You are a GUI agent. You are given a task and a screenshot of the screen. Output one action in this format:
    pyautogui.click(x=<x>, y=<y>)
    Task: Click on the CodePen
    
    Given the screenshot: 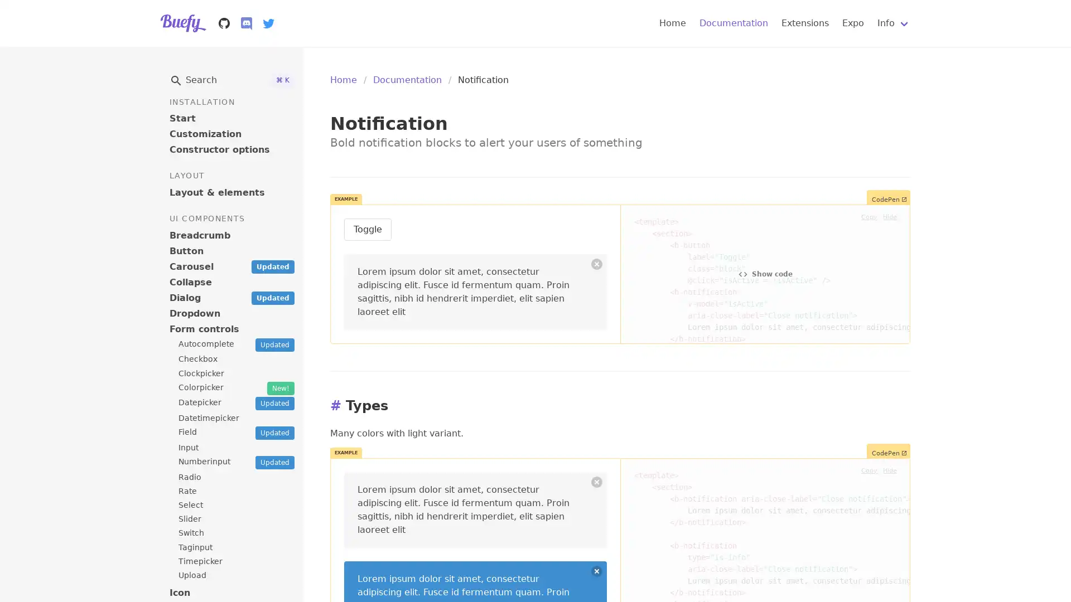 What is the action you would take?
    pyautogui.click(x=888, y=450)
    